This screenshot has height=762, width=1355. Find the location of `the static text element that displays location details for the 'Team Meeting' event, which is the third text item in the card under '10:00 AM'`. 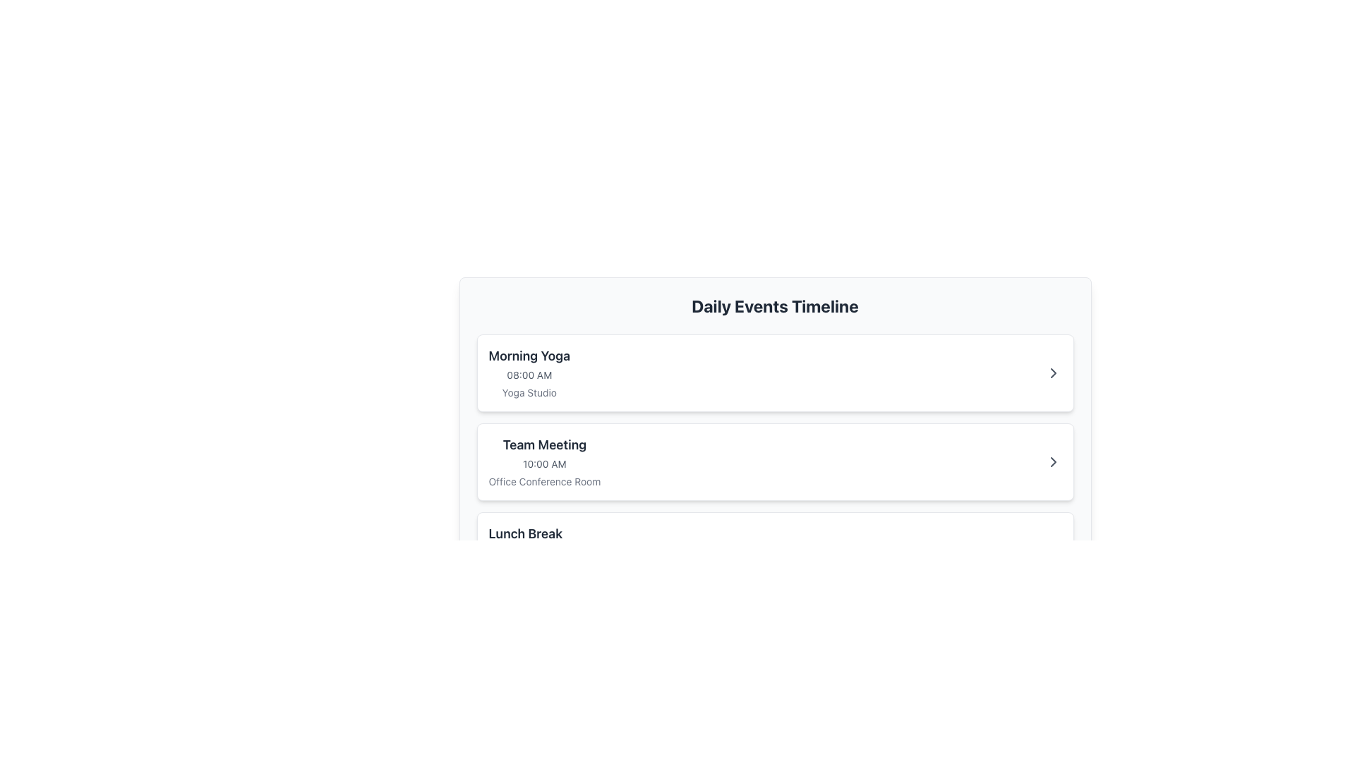

the static text element that displays location details for the 'Team Meeting' event, which is the third text item in the card under '10:00 AM' is located at coordinates (543, 480).